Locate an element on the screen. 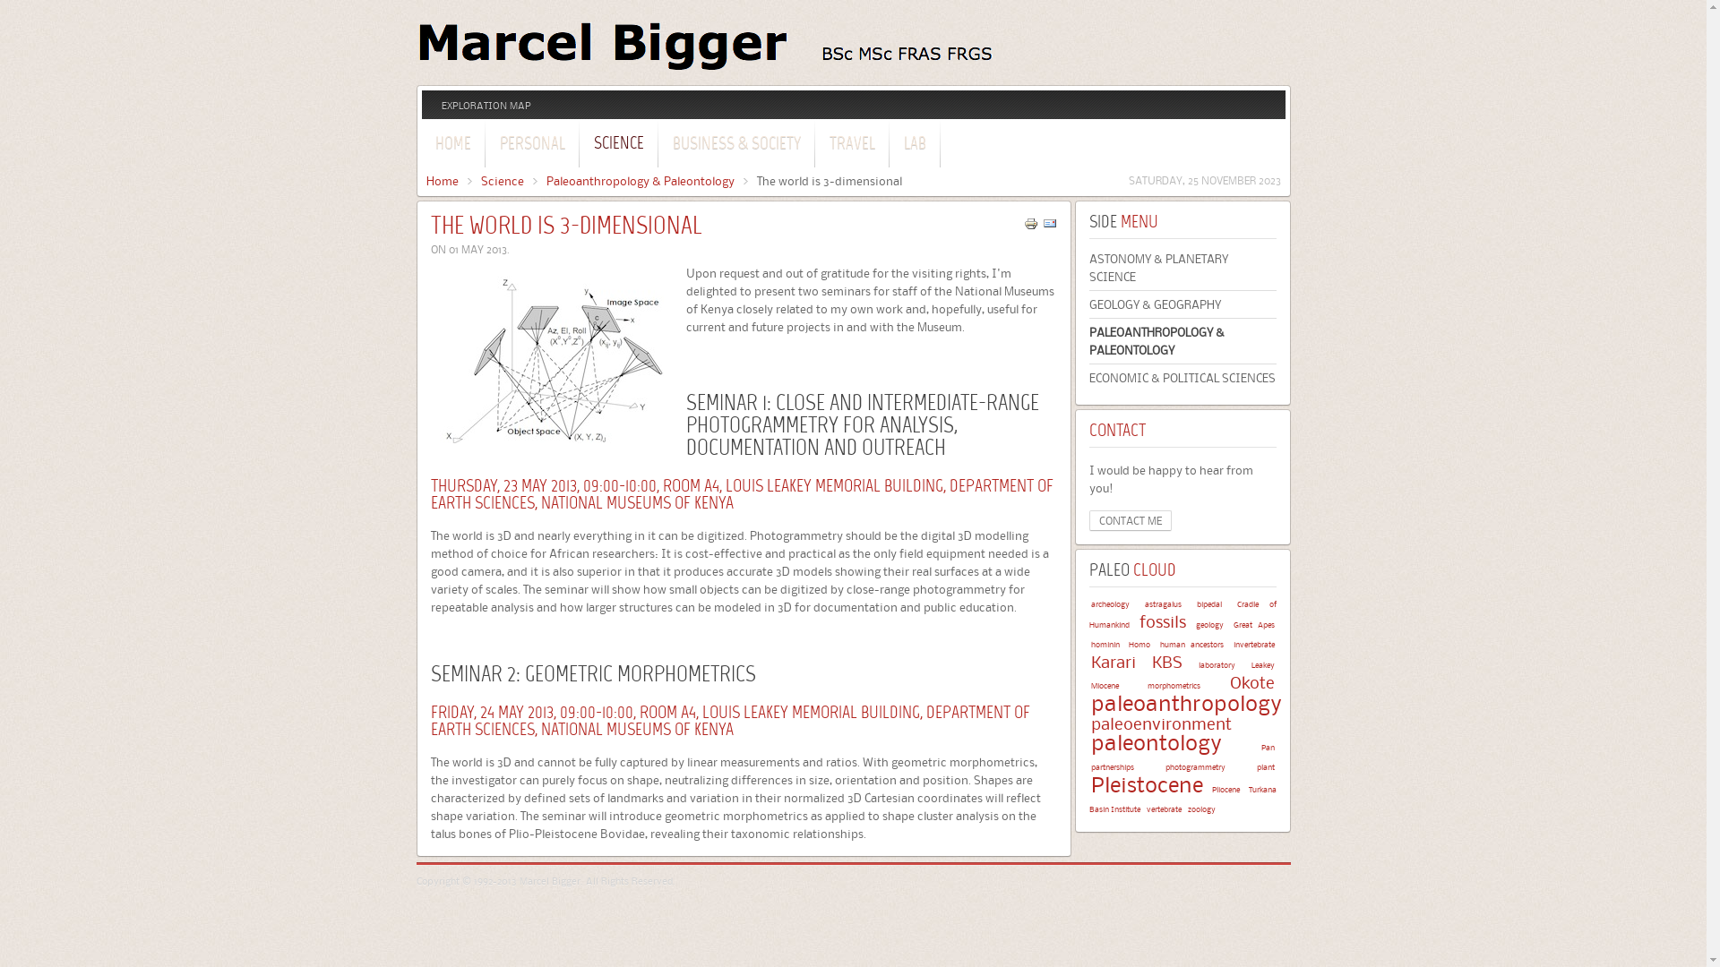 Image resolution: width=1720 pixels, height=967 pixels. 'Pan' is located at coordinates (1260, 747).